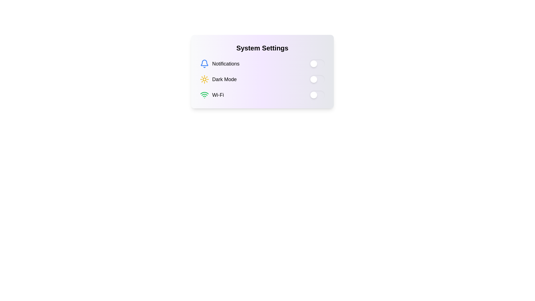 This screenshot has width=535, height=301. I want to click on the topmost arc of the Wi-Fi icon located in the settings panel, which serves a decorative and symbolic purpose, so click(204, 93).